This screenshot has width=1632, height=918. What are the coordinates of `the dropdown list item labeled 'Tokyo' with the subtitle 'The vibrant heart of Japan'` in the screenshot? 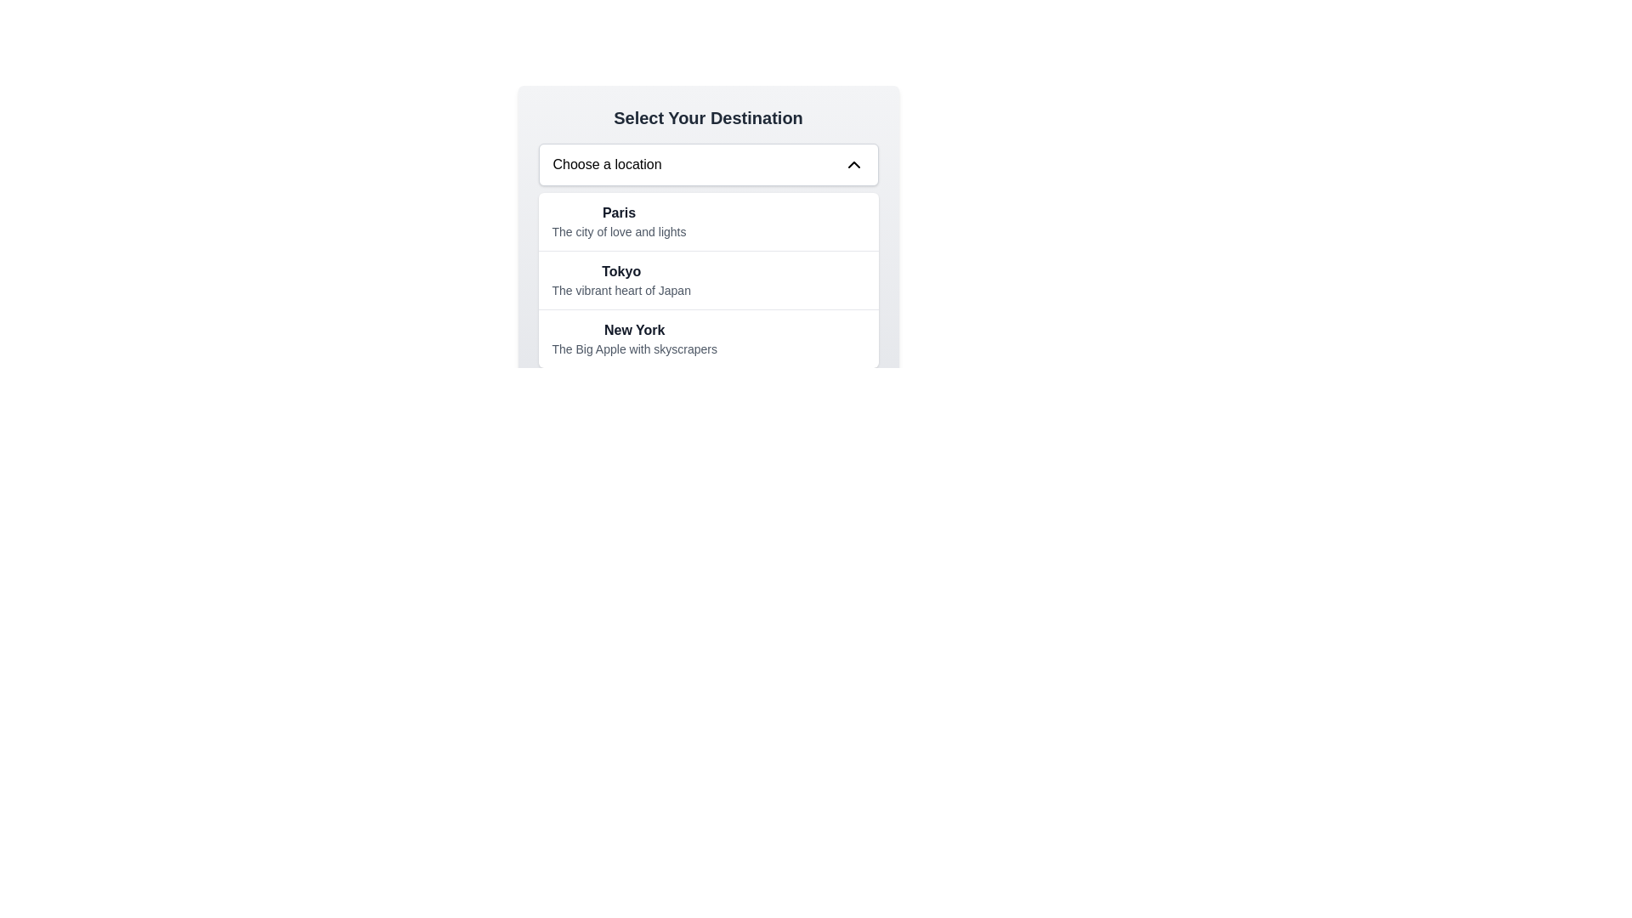 It's located at (708, 255).